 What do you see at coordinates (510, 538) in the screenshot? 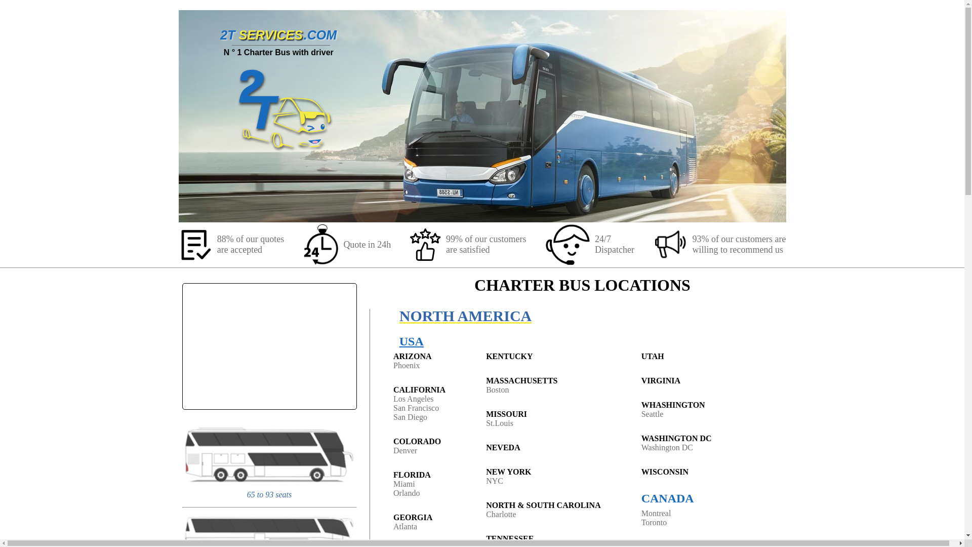
I see `'TENNESSEE'` at bounding box center [510, 538].